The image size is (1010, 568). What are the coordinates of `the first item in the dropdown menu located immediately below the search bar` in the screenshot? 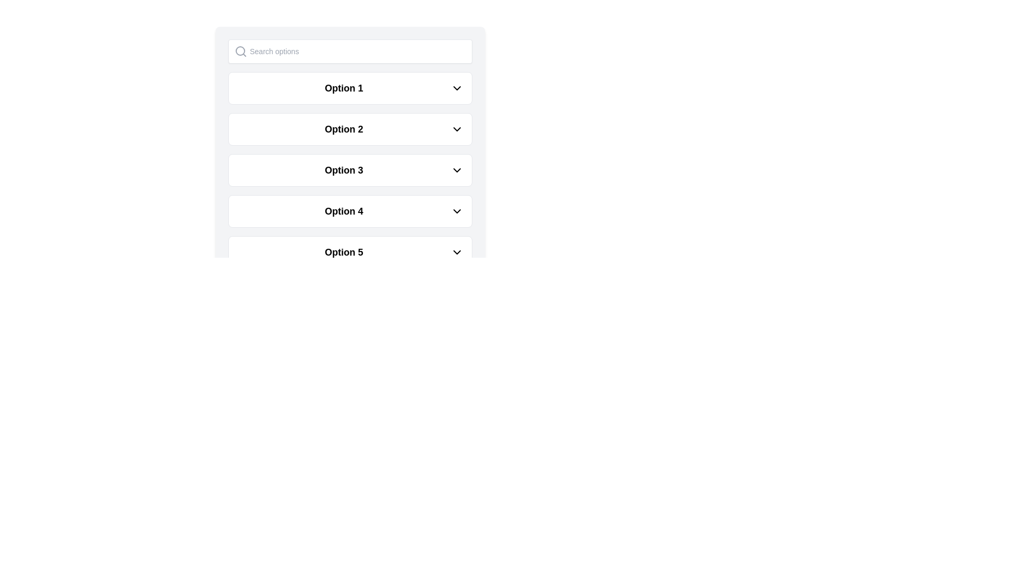 It's located at (350, 88).